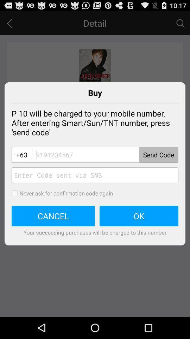 This screenshot has width=190, height=339. I want to click on the icon above your succeeding purchases app, so click(53, 216).